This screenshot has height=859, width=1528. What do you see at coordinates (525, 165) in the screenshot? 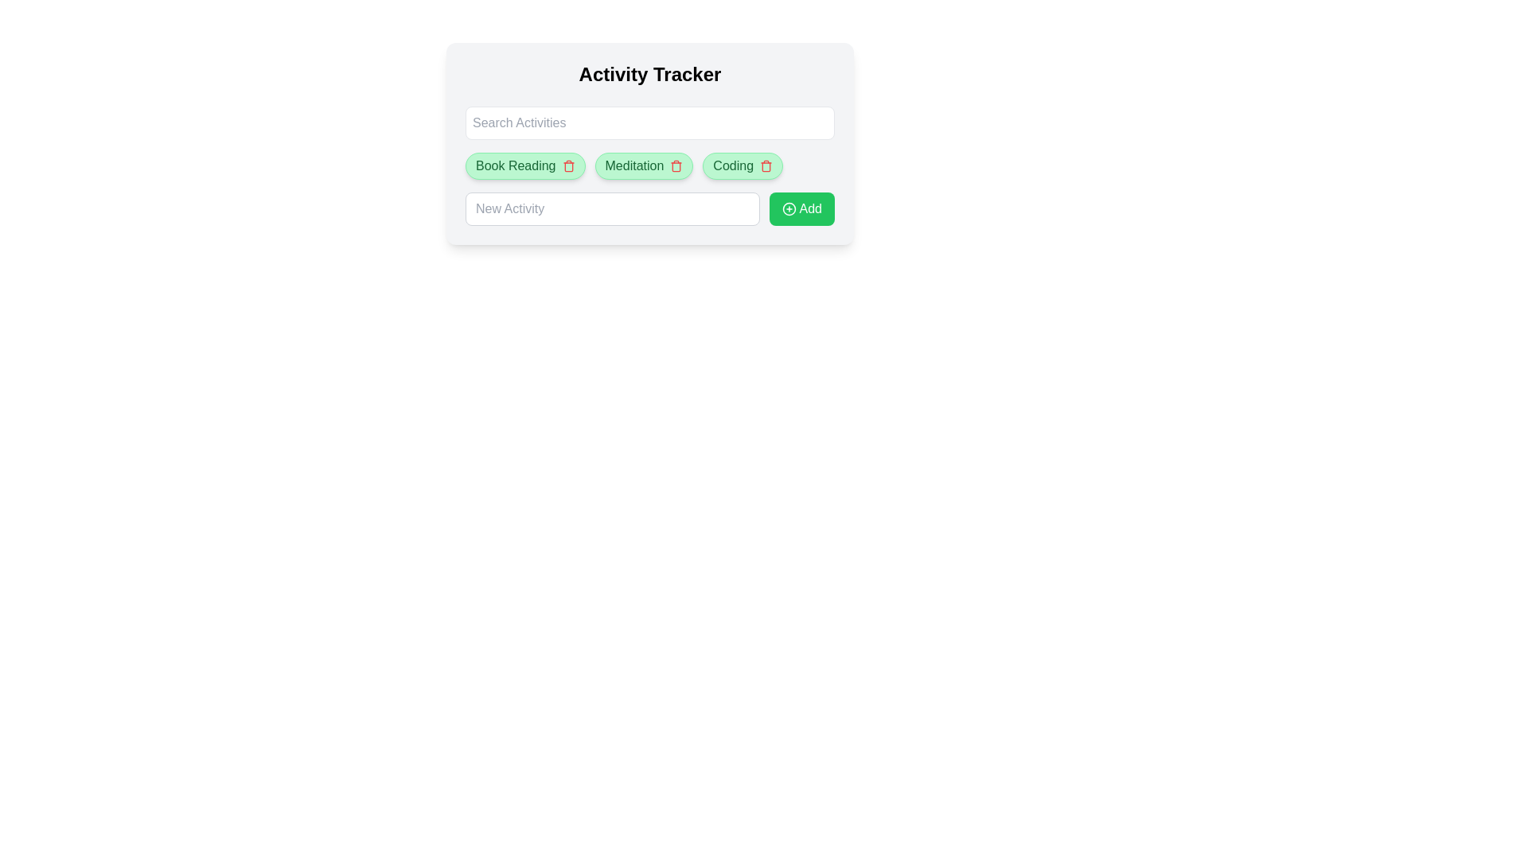
I see `the interactive tag labeled 'Book Reading' with a green background and delete option` at bounding box center [525, 165].